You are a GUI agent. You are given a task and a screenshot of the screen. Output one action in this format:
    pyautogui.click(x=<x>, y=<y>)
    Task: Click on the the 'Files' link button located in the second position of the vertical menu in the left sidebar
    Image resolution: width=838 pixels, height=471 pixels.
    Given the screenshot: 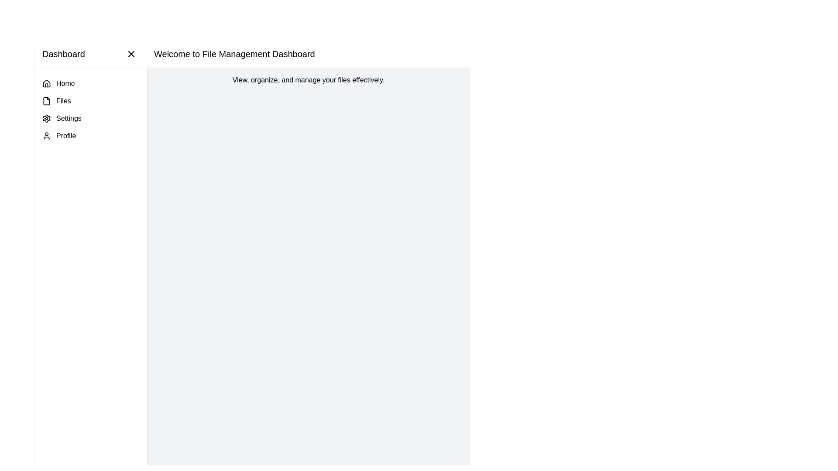 What is the action you would take?
    pyautogui.click(x=91, y=100)
    